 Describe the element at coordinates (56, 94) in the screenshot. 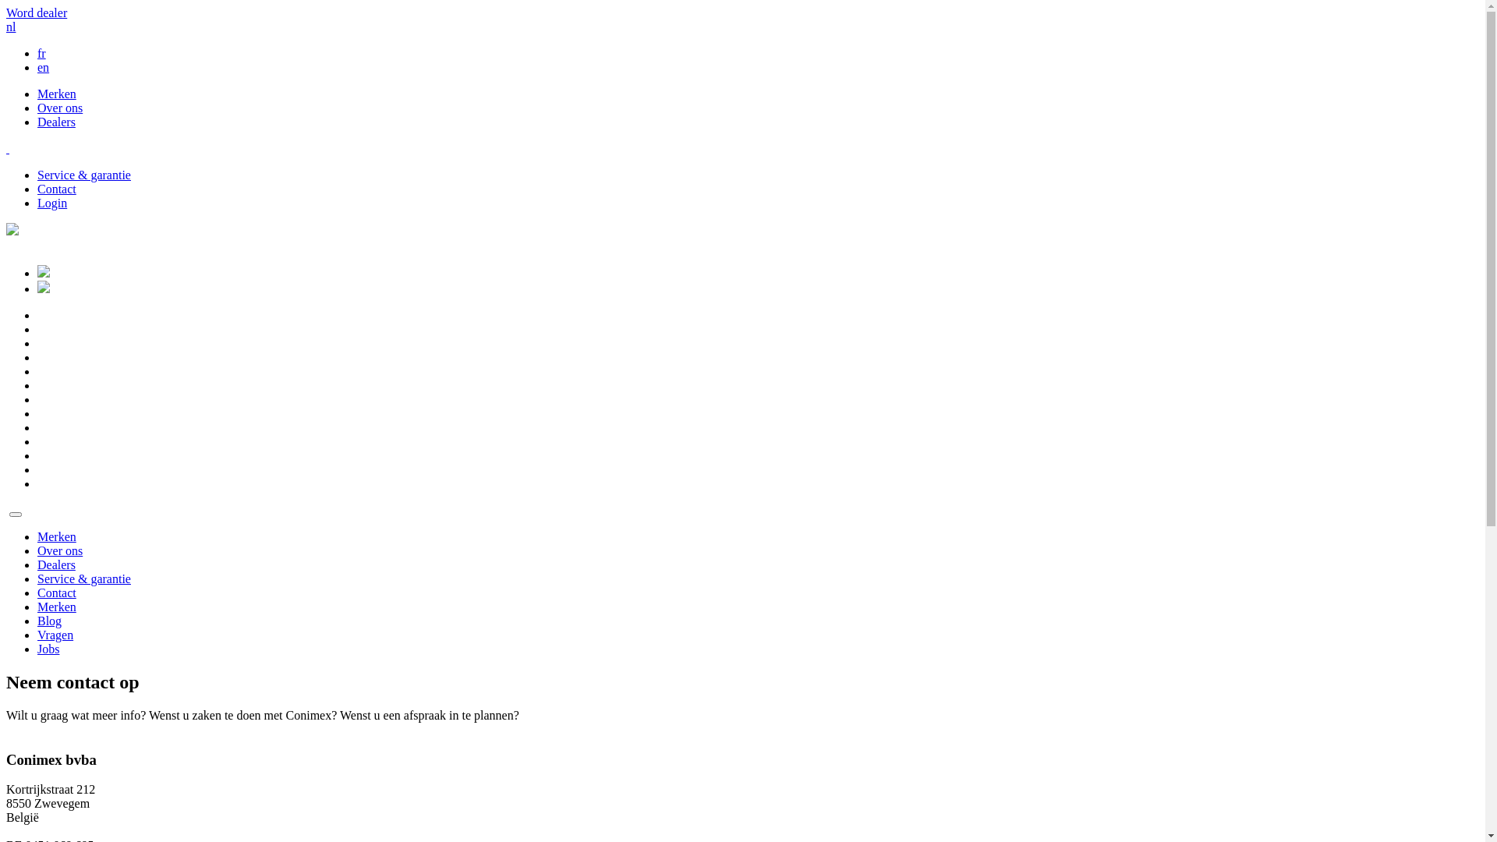

I see `'Merken'` at that location.